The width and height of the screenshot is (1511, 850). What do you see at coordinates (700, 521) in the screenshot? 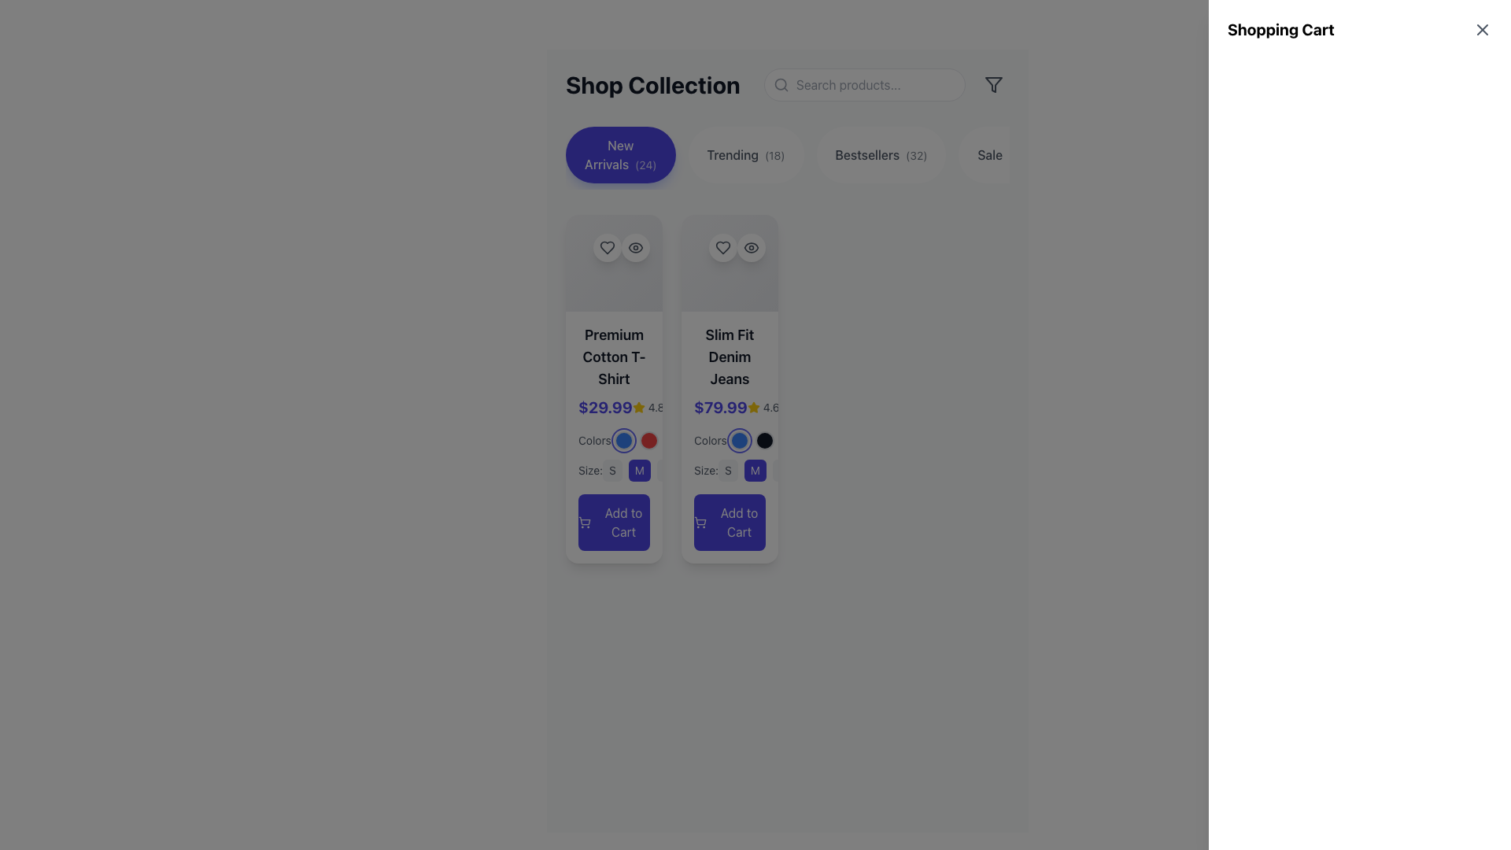
I see `the 'Add to Cart' button featuring a minimalist shopping cart icon for the 'Slim Fit Denim Jeans'` at bounding box center [700, 521].